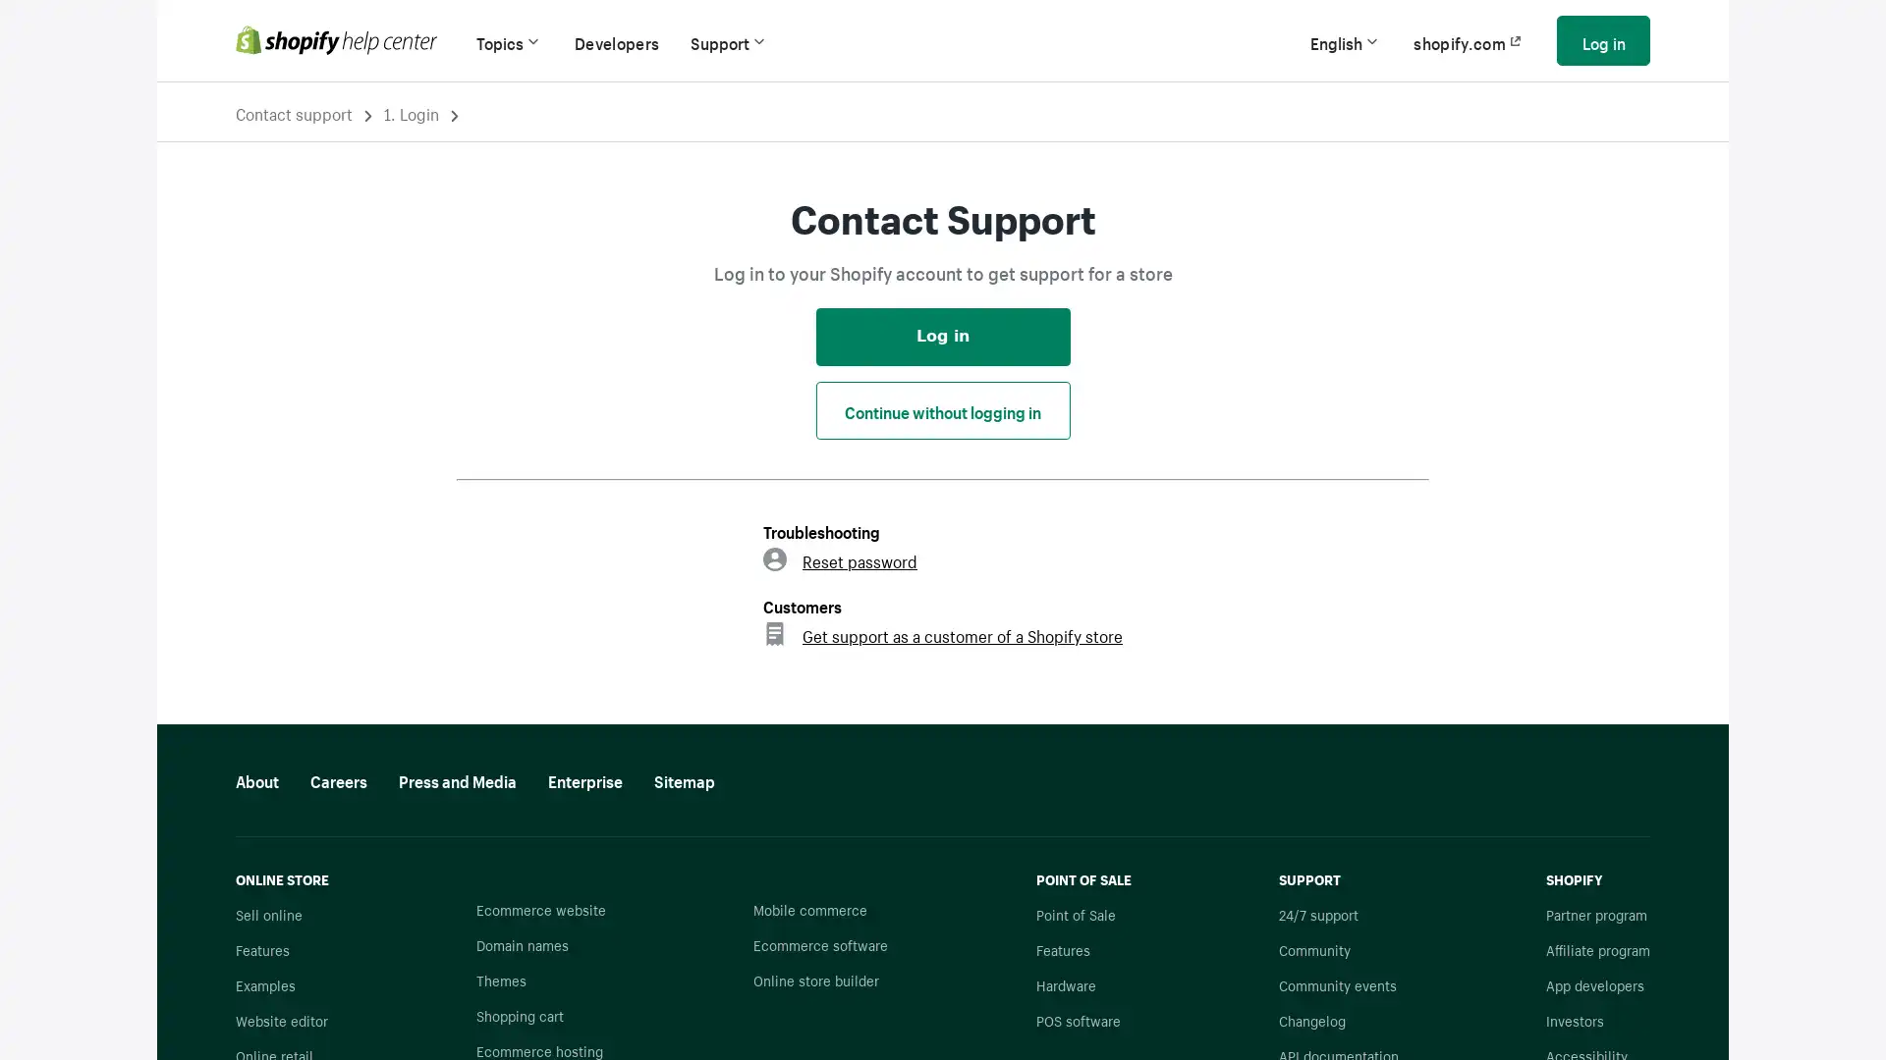 This screenshot has width=1886, height=1060. I want to click on Log in, so click(1603, 40).